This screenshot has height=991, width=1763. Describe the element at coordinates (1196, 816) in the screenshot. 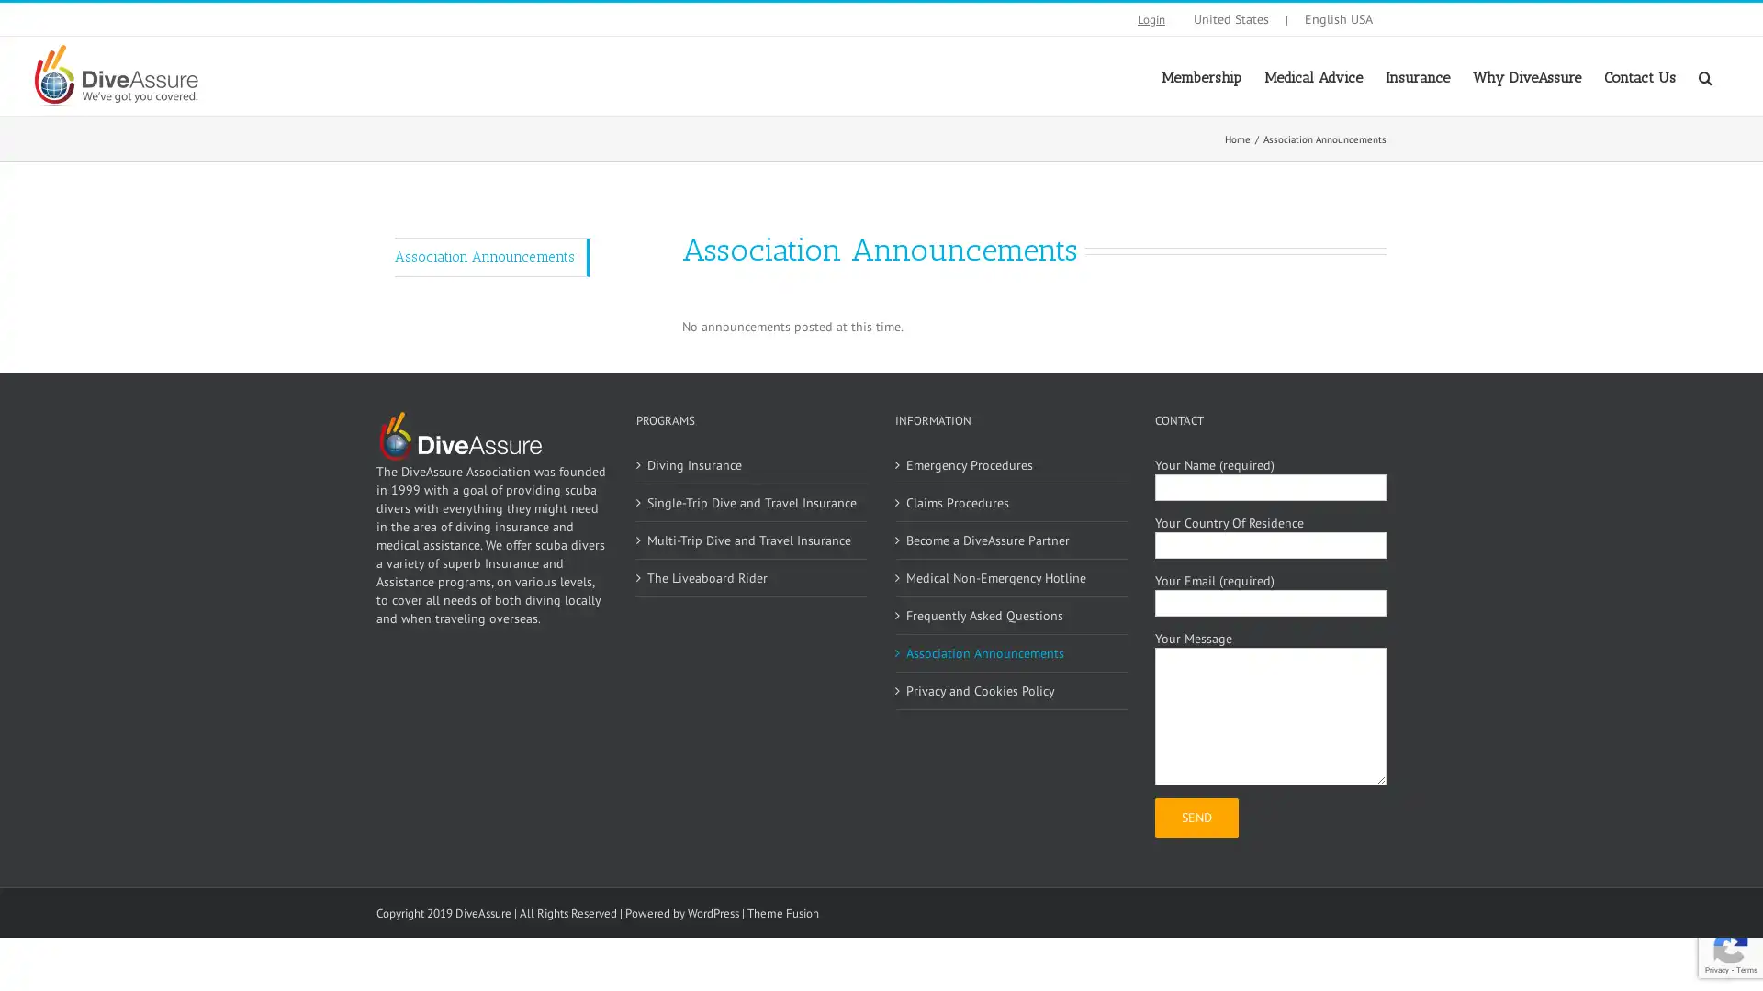

I see `Send` at that location.